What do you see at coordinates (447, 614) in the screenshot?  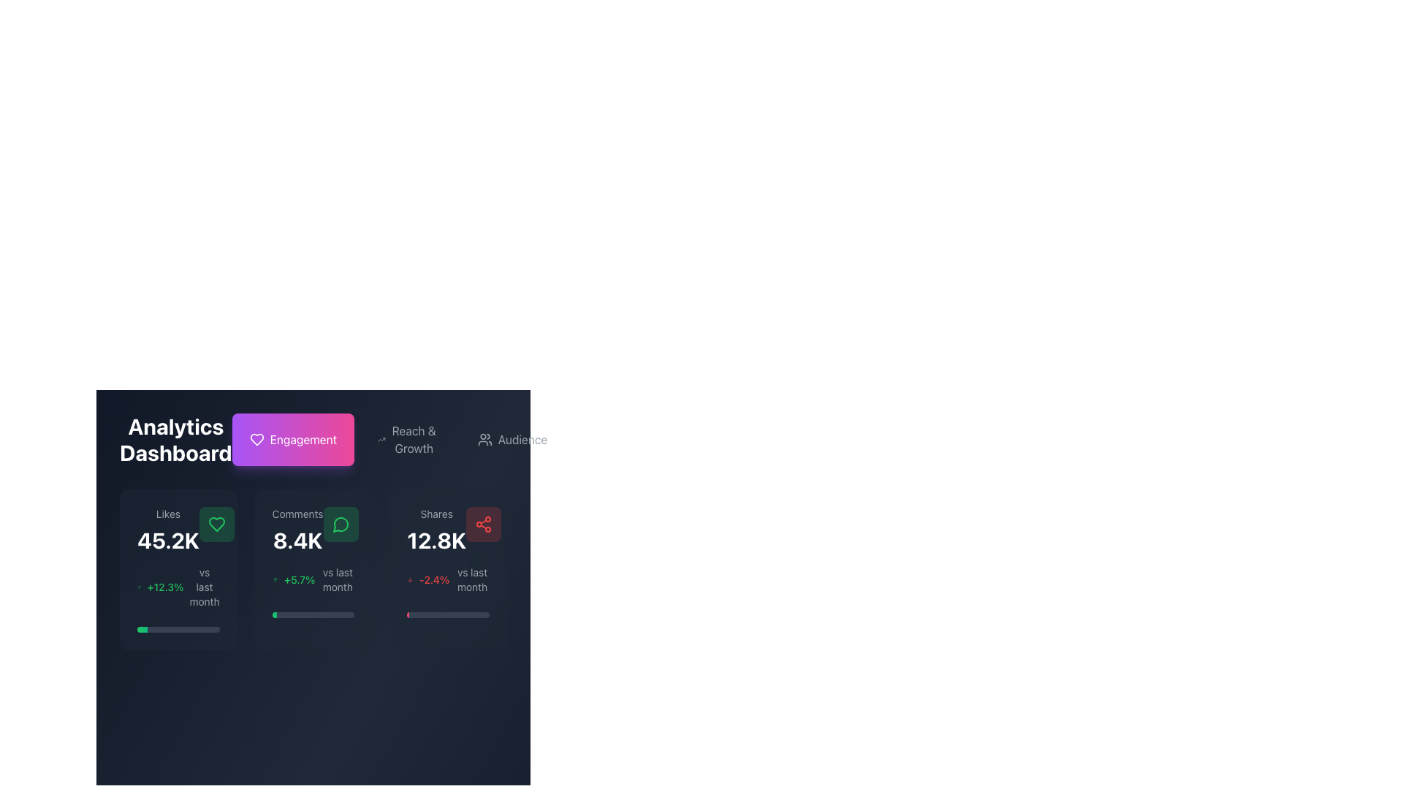 I see `the thin progress bar with rounded corners, styled in a gradient from red to pink, located at the bottom section of the 'Shares' card in the dashboard` at bounding box center [447, 614].